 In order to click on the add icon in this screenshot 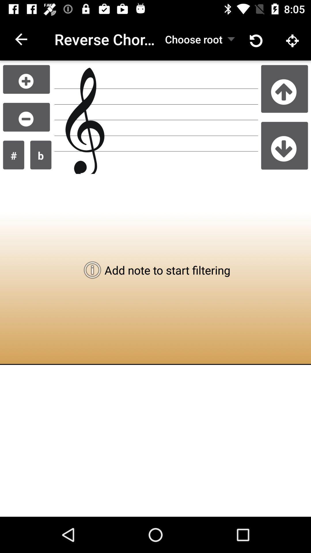, I will do `click(26, 79)`.